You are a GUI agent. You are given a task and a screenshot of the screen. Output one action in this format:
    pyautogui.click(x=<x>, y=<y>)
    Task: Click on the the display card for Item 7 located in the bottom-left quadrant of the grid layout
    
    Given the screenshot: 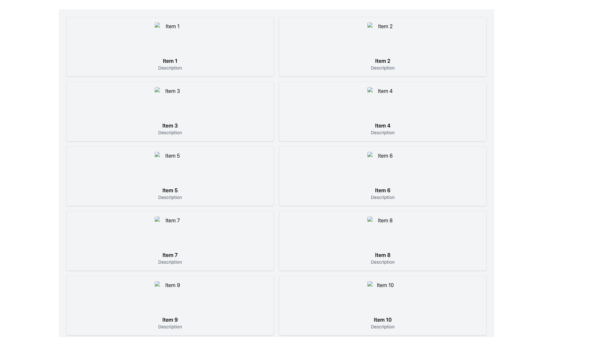 What is the action you would take?
    pyautogui.click(x=170, y=241)
    